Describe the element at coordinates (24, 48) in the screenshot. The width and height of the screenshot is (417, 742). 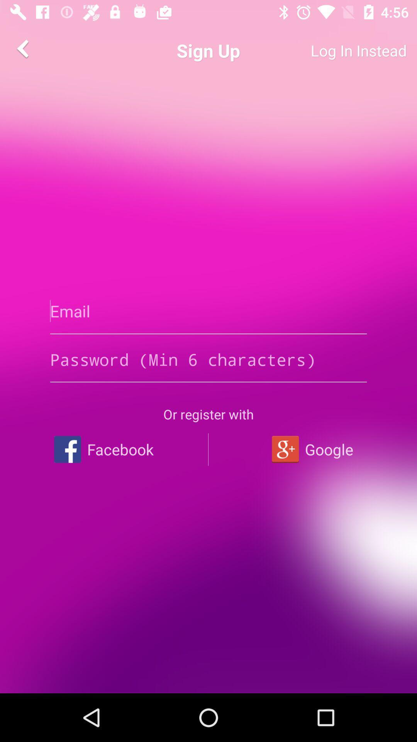
I see `the arrow_backward icon` at that location.